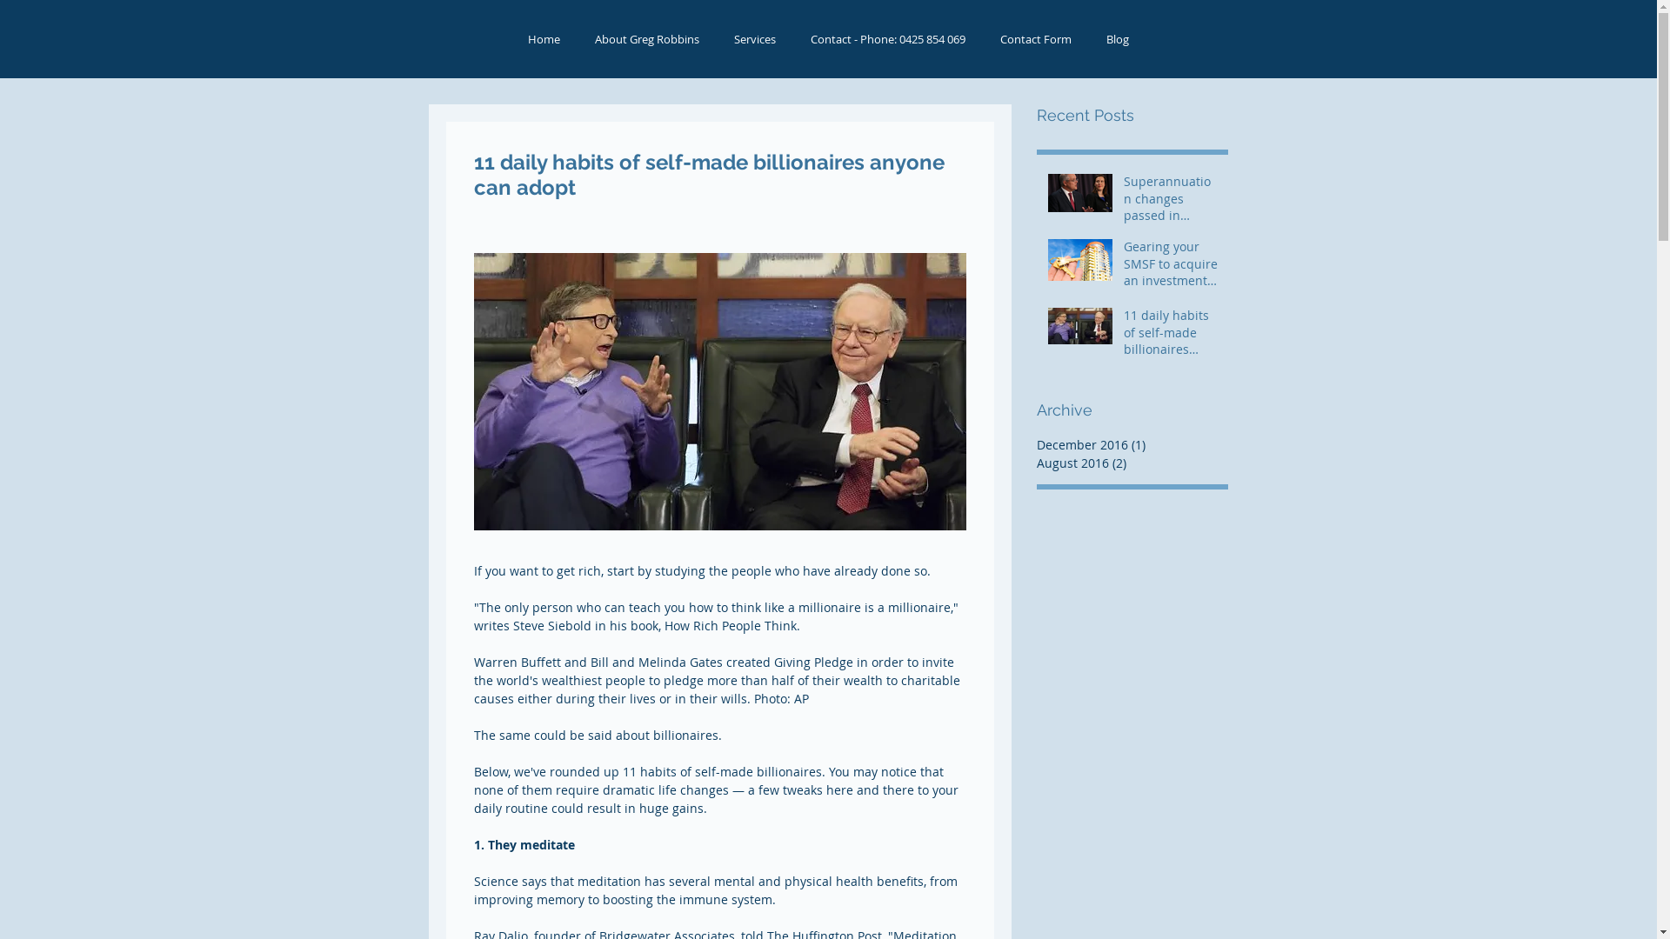 Image resolution: width=1670 pixels, height=939 pixels. Describe the element at coordinates (646, 39) in the screenshot. I see `'About Greg Robbins'` at that location.